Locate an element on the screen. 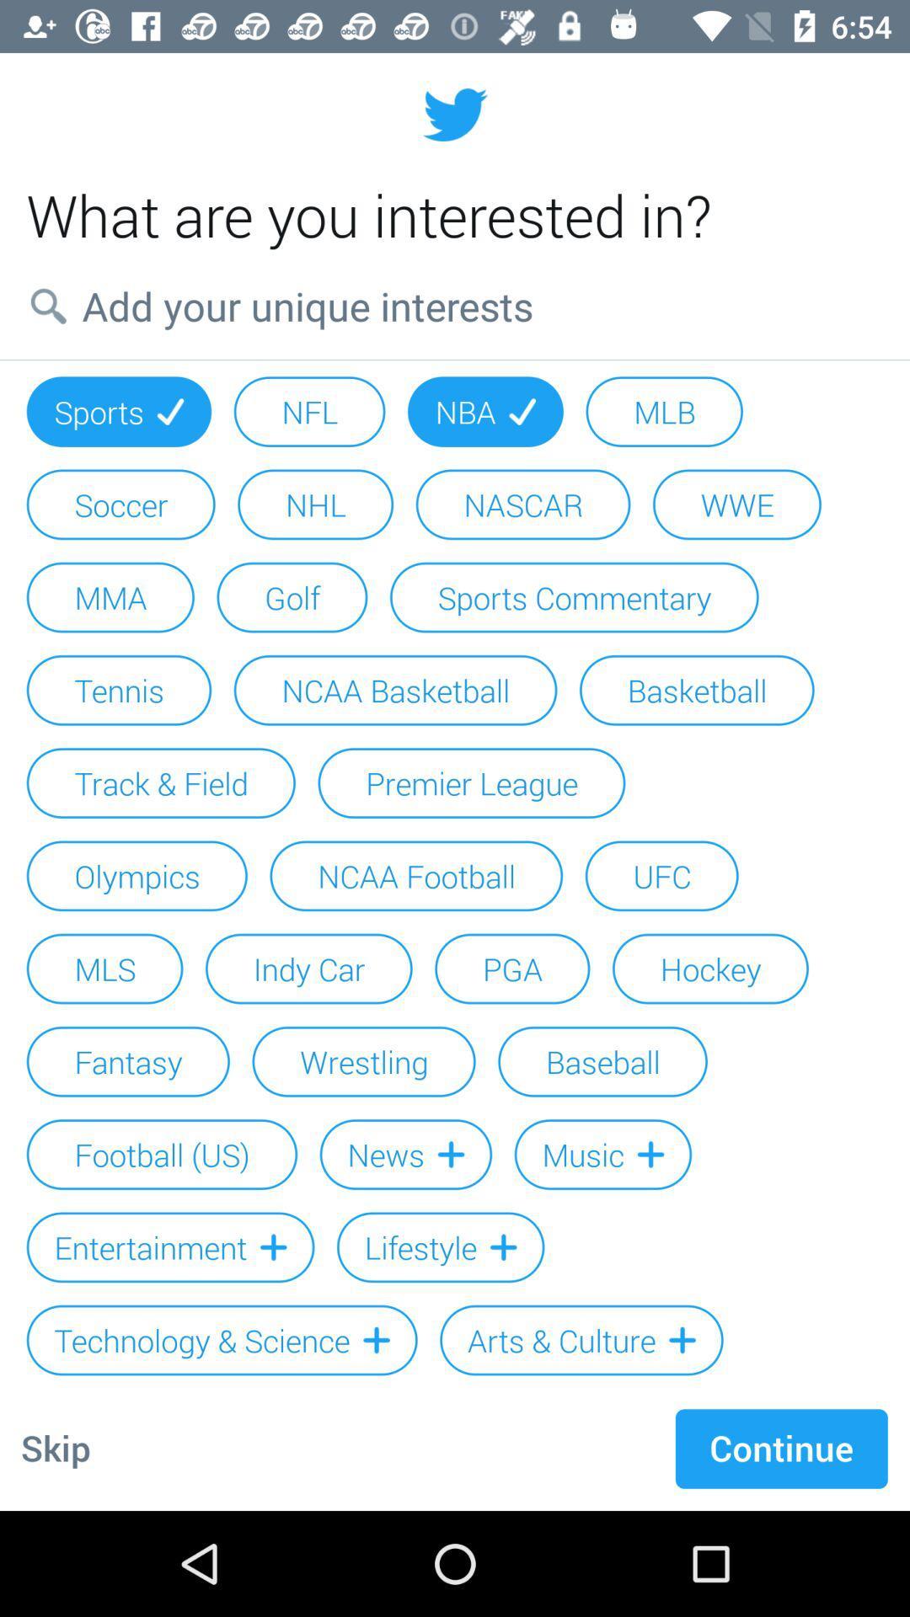  the icon above the mls item is located at coordinates (136, 876).